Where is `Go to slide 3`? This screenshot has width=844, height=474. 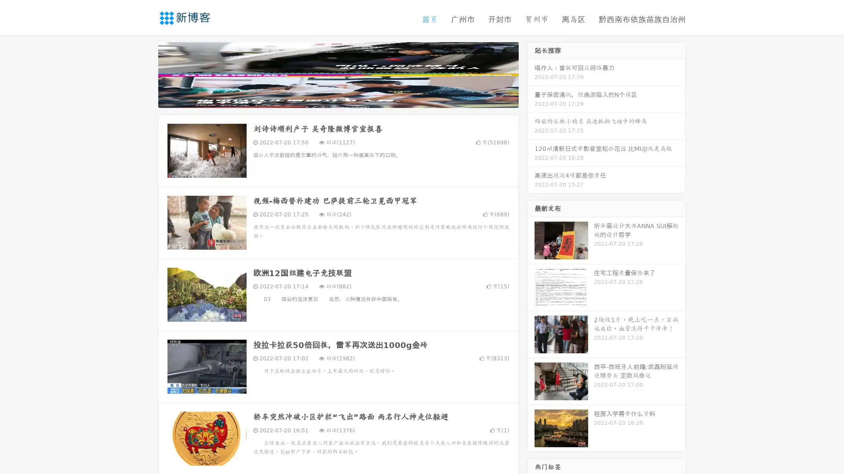 Go to slide 3 is located at coordinates (347, 99).